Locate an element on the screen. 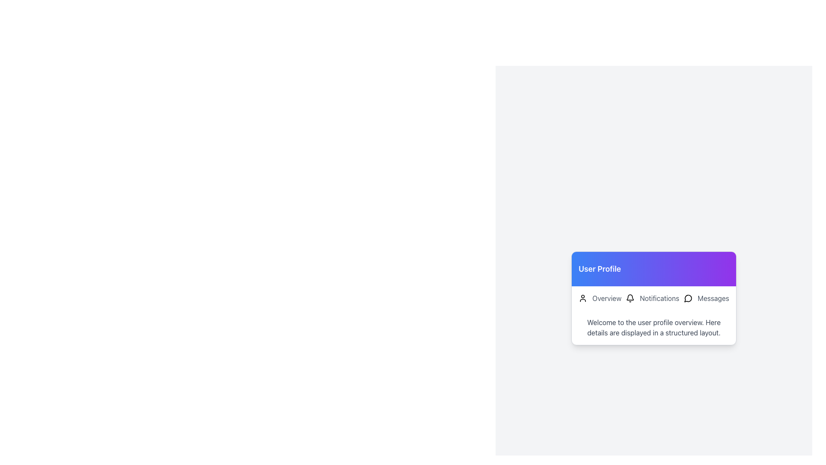 This screenshot has height=465, width=826. the text label that reads 'Welcome to the user profile overview. Here details are displayed in a structured layout.' which is located at the bottom of the 'User Profile' card component is located at coordinates (654, 327).